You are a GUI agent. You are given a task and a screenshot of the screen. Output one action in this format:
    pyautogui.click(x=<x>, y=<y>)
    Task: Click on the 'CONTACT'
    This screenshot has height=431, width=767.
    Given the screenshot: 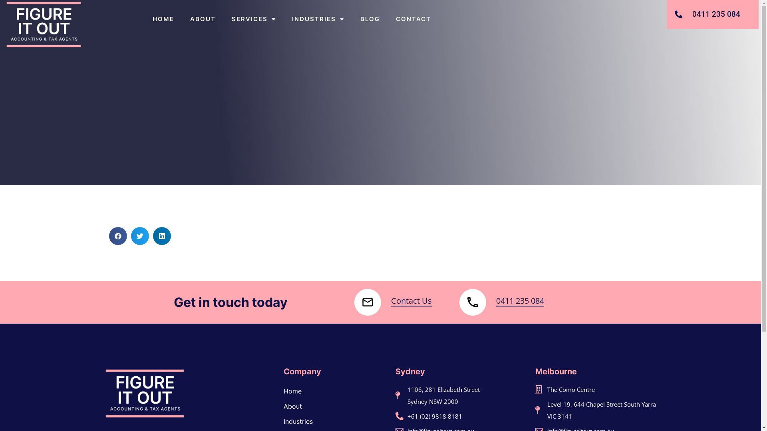 What is the action you would take?
    pyautogui.click(x=413, y=18)
    